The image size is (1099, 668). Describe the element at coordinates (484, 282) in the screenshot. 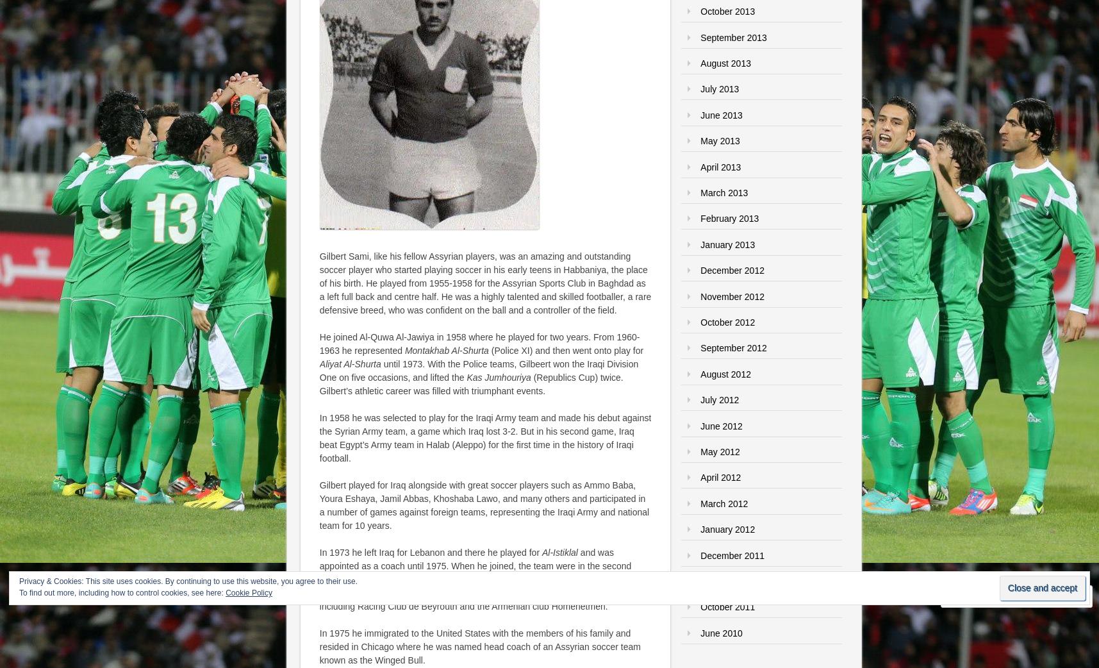

I see `'Gilbert Sami, like his fellow Assyrian players, was an amazing and outstanding soccer player who started playing soccer in his early teens in Habbaniya, the place of his birth. He played from 1955-1958 for the Assyrian Sports Club in Baghdad as a left full back and centre half. He was a highly talented and skilled footballer, a rare defensive breed, who was confident on the ball and a controller of the field.'` at that location.